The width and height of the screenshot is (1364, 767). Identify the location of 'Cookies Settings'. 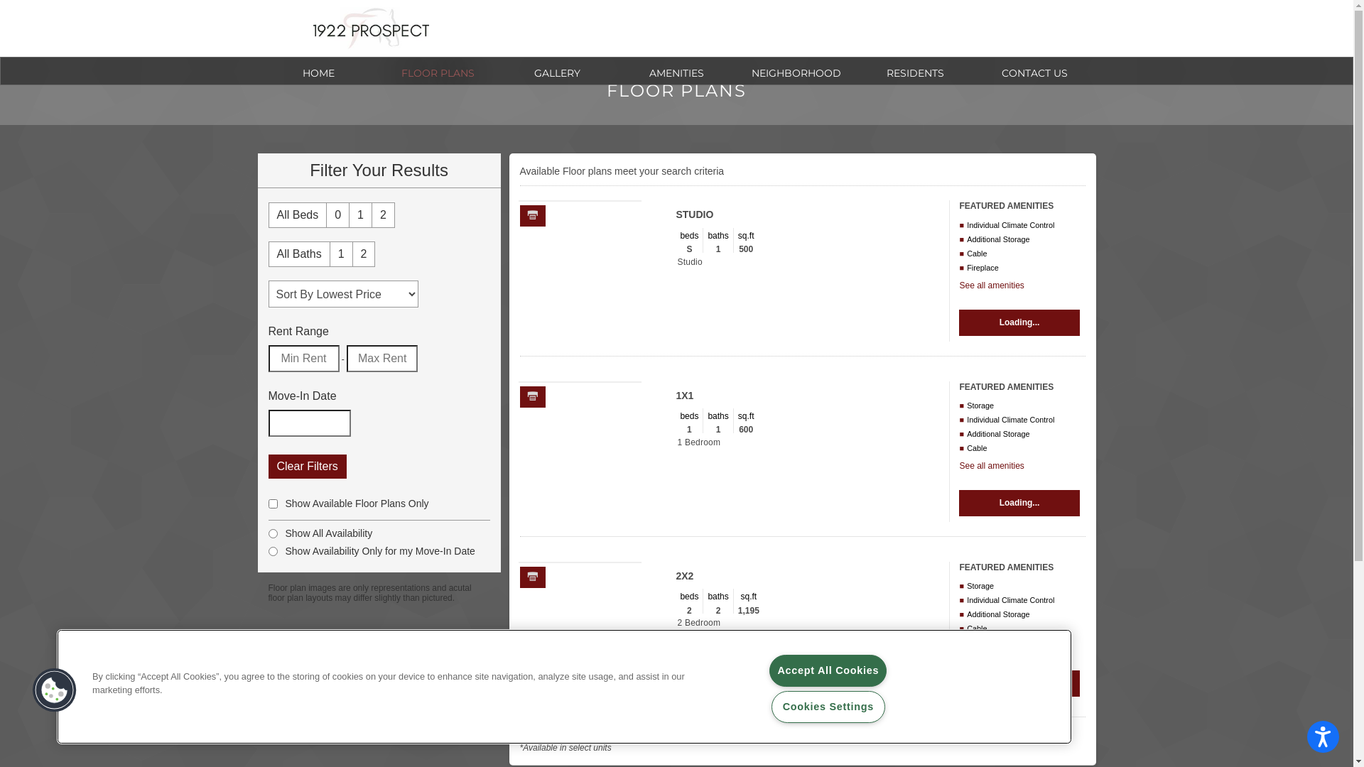
(828, 707).